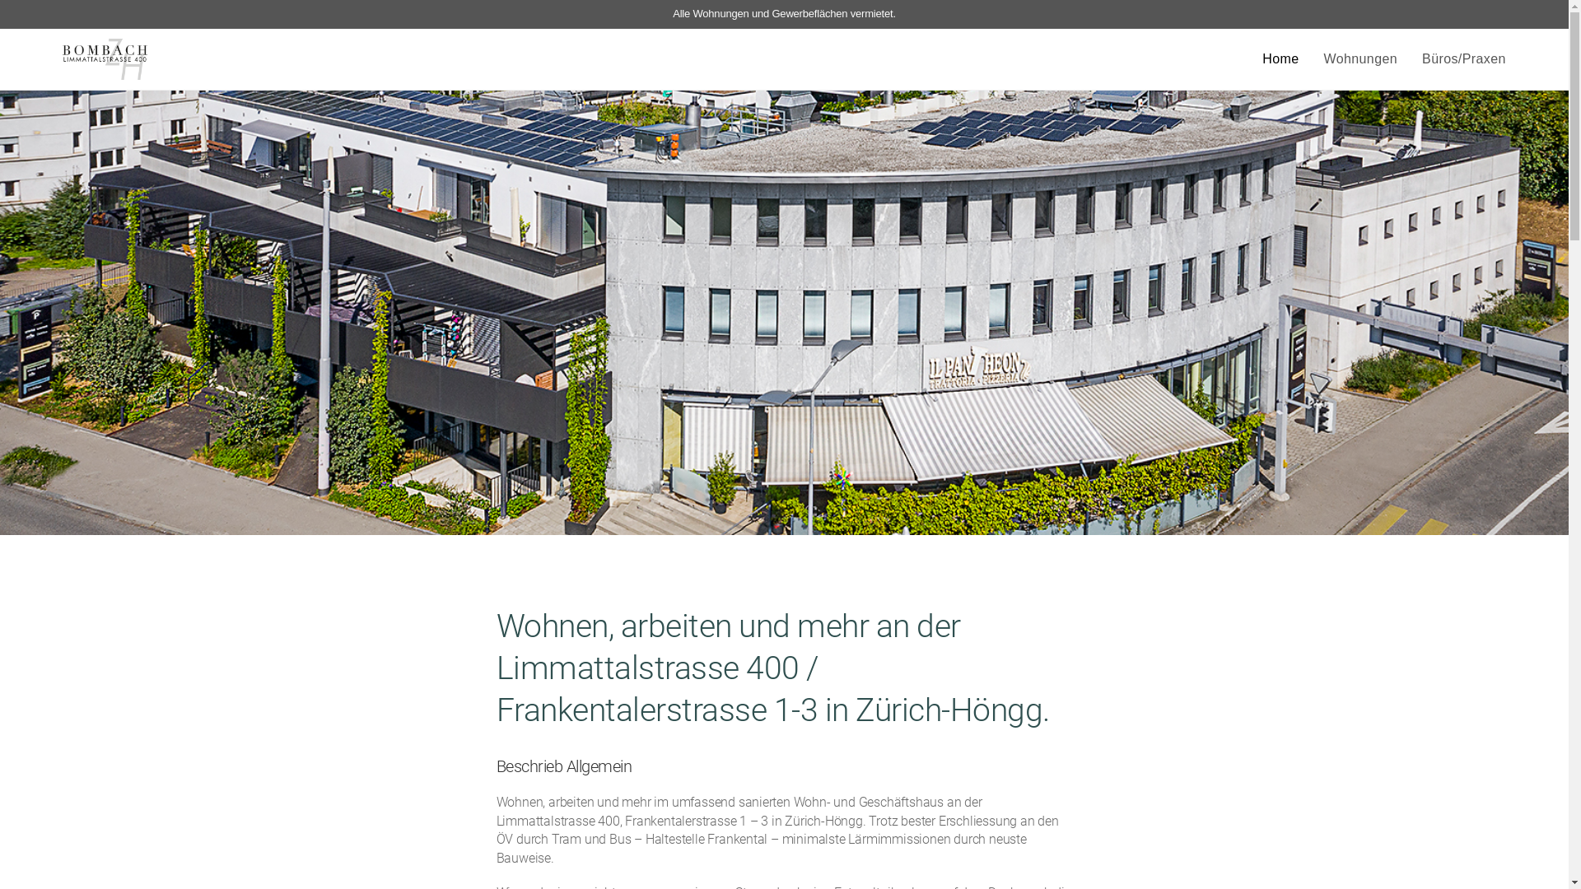 This screenshot has width=1581, height=889. What do you see at coordinates (1280, 58) in the screenshot?
I see `'Home'` at bounding box center [1280, 58].